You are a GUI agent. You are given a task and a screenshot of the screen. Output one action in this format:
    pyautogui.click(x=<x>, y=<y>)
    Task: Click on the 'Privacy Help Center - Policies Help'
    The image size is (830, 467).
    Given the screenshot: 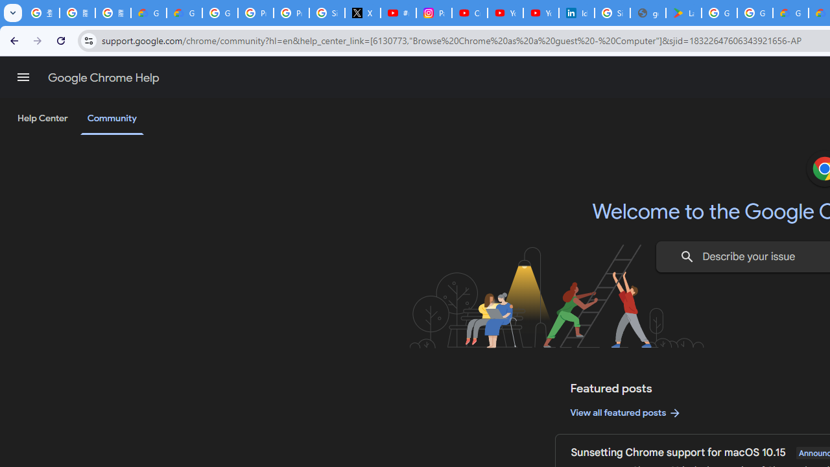 What is the action you would take?
    pyautogui.click(x=255, y=13)
    